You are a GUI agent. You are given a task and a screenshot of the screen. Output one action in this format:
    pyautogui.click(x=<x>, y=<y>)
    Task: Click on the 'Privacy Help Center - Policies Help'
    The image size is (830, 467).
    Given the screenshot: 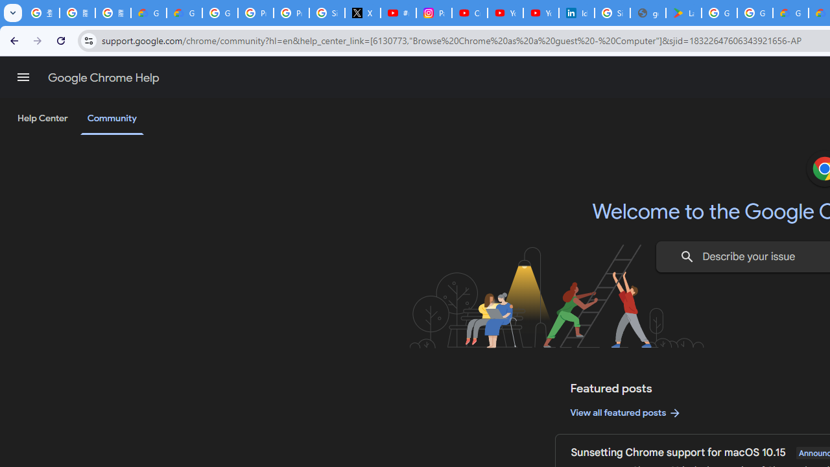 What is the action you would take?
    pyautogui.click(x=255, y=13)
    